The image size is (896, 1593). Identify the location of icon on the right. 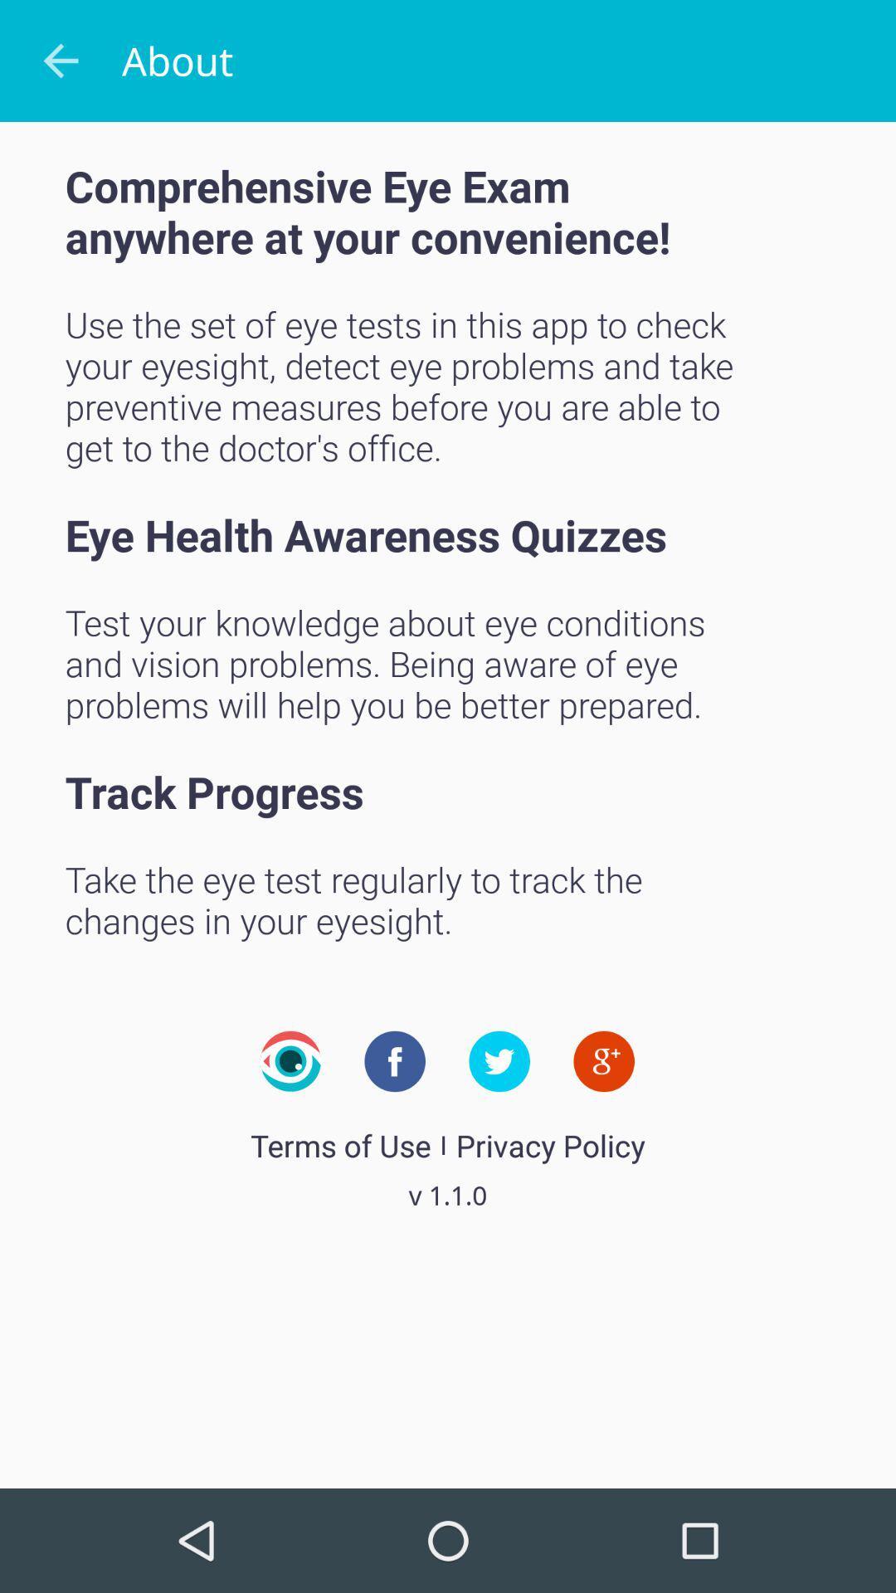
(604, 1060).